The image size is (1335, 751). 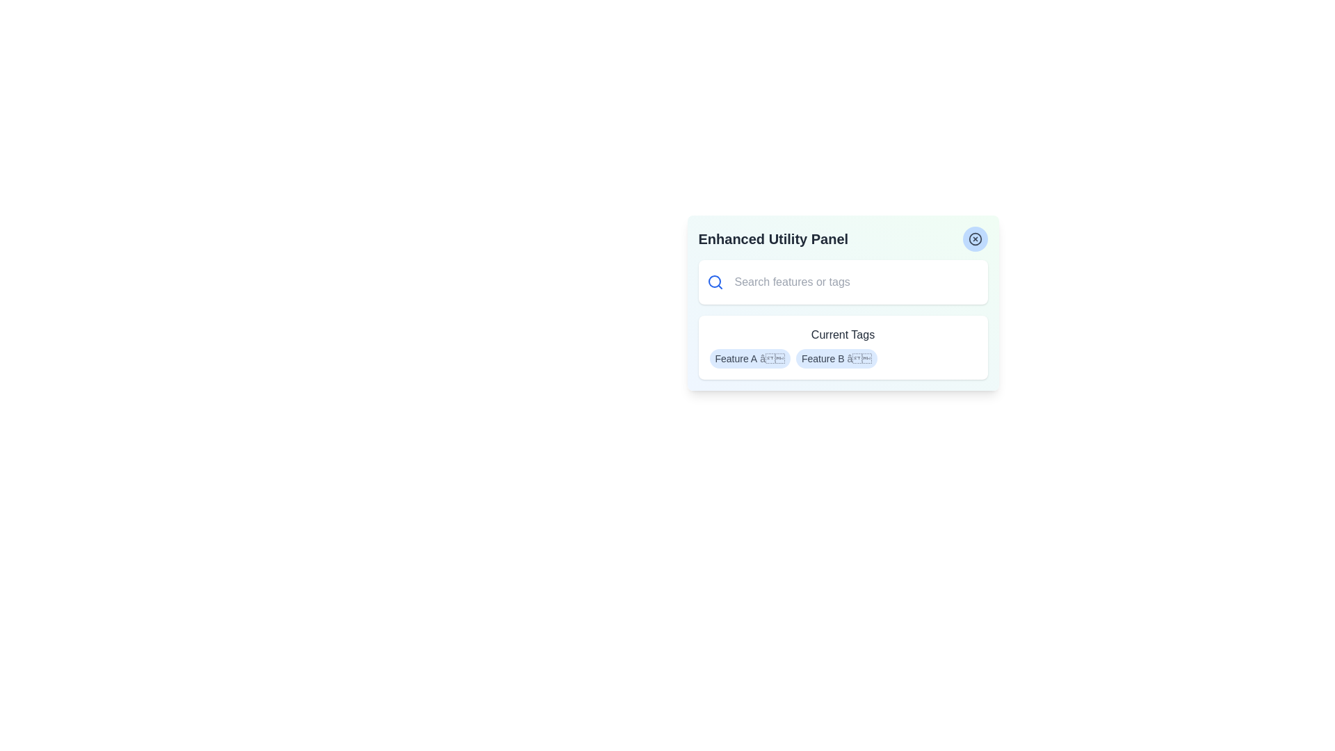 What do you see at coordinates (735, 358) in the screenshot?
I see `the static text element displaying 'Feature A' within the tag-like component in the 'Current Tags' section, which is the first tag on the left of the '×' icon` at bounding box center [735, 358].